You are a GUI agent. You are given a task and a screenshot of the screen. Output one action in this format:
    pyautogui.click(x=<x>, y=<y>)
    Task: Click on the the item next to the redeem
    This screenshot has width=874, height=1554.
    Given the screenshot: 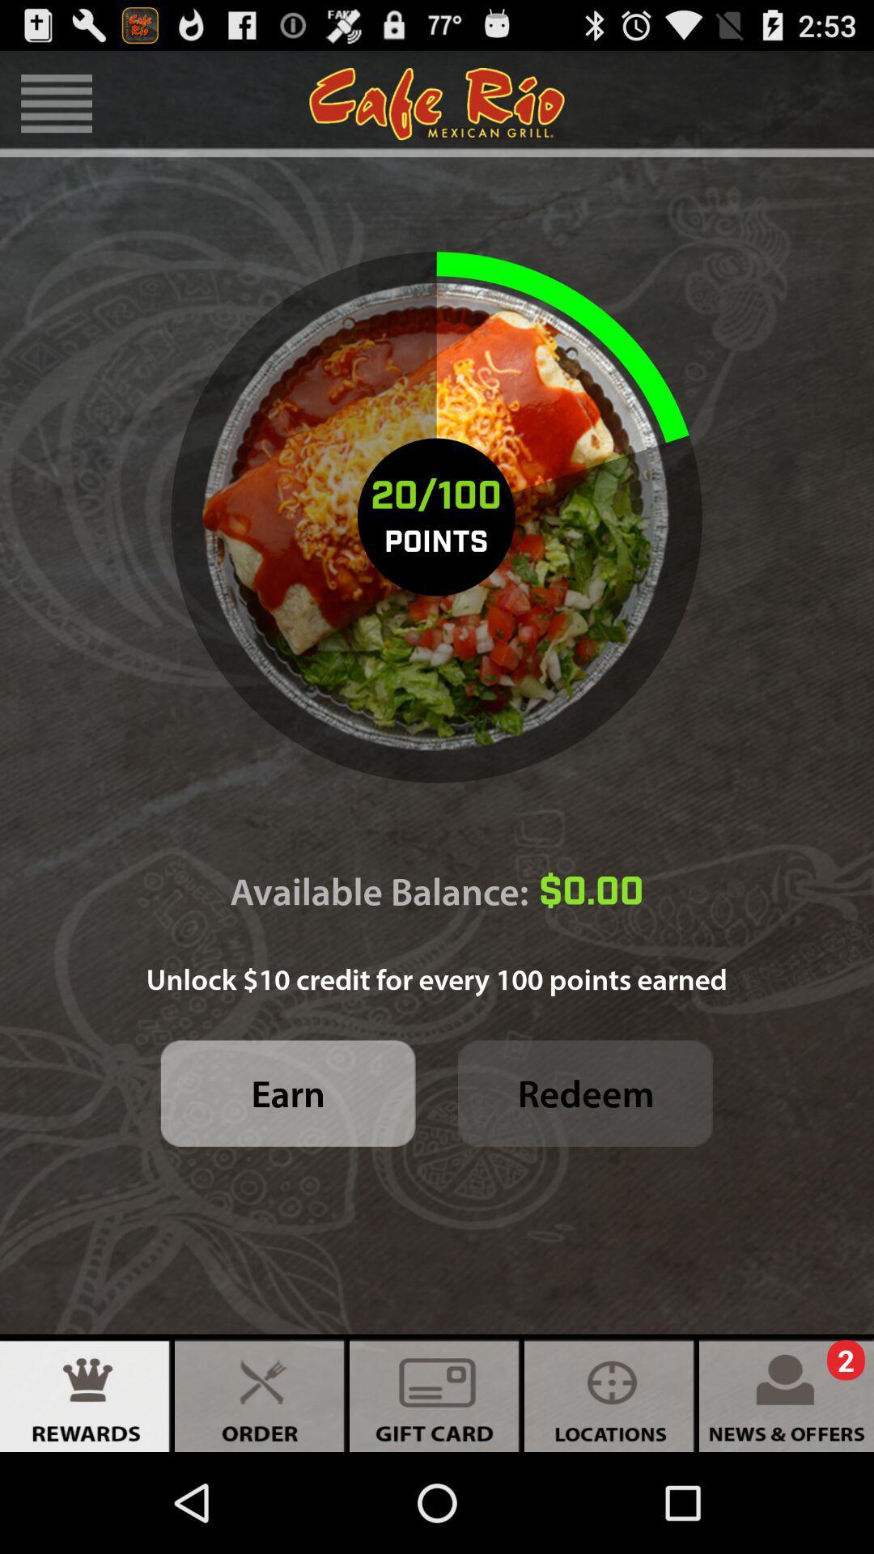 What is the action you would take?
    pyautogui.click(x=287, y=1093)
    